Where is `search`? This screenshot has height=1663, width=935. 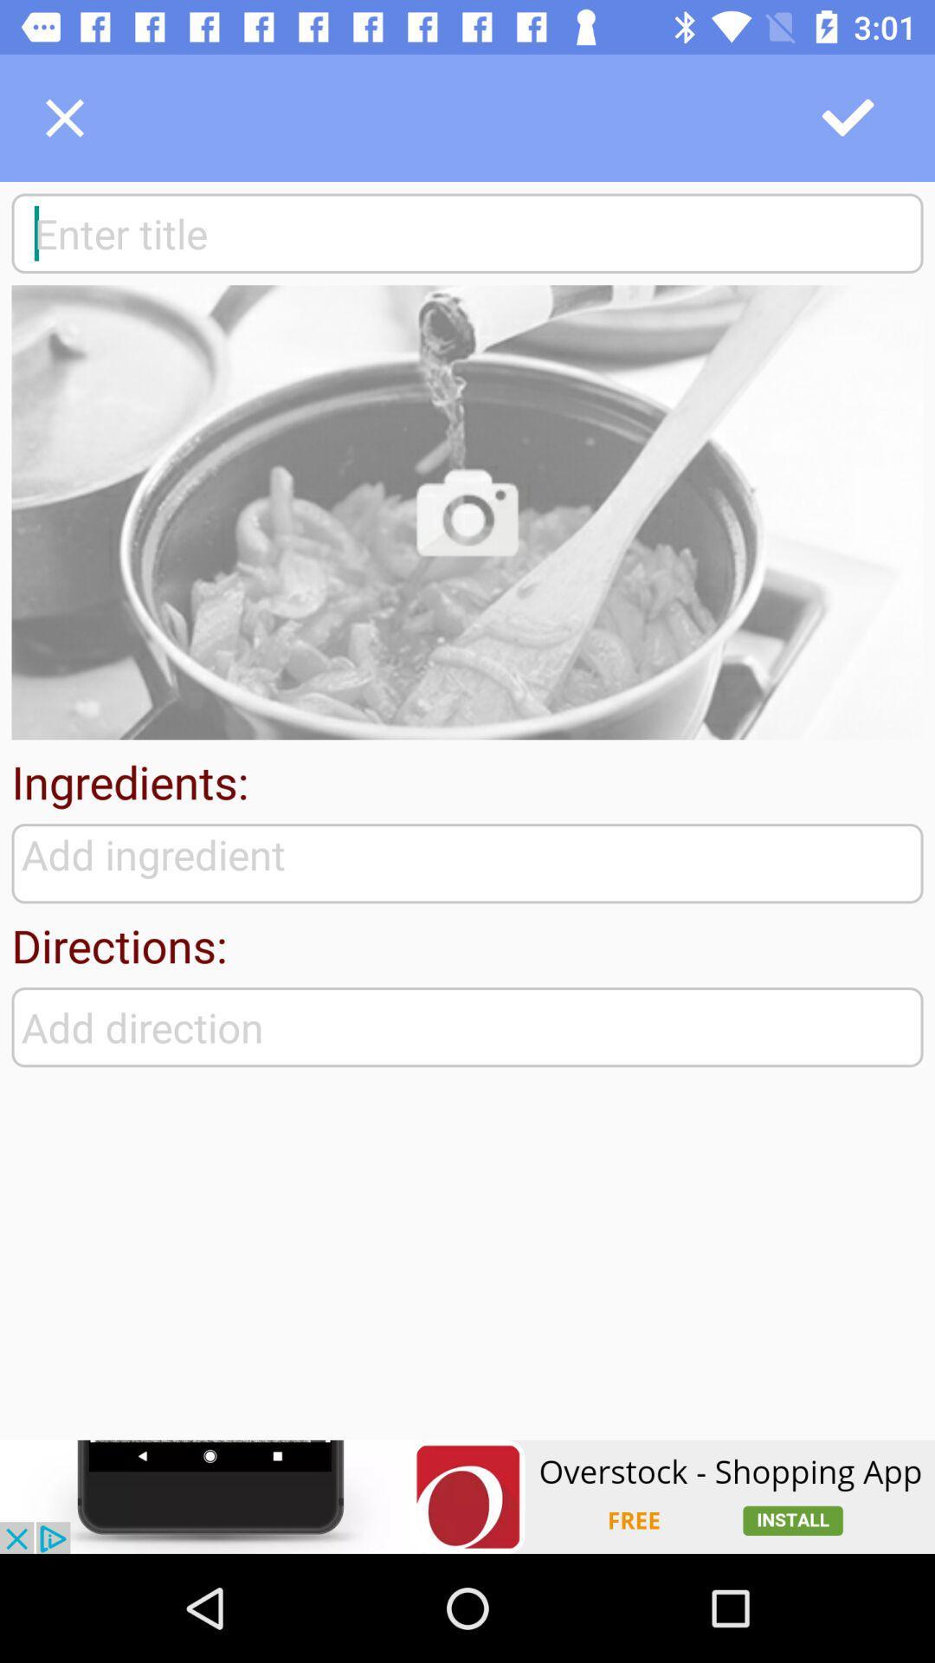
search is located at coordinates (467, 232).